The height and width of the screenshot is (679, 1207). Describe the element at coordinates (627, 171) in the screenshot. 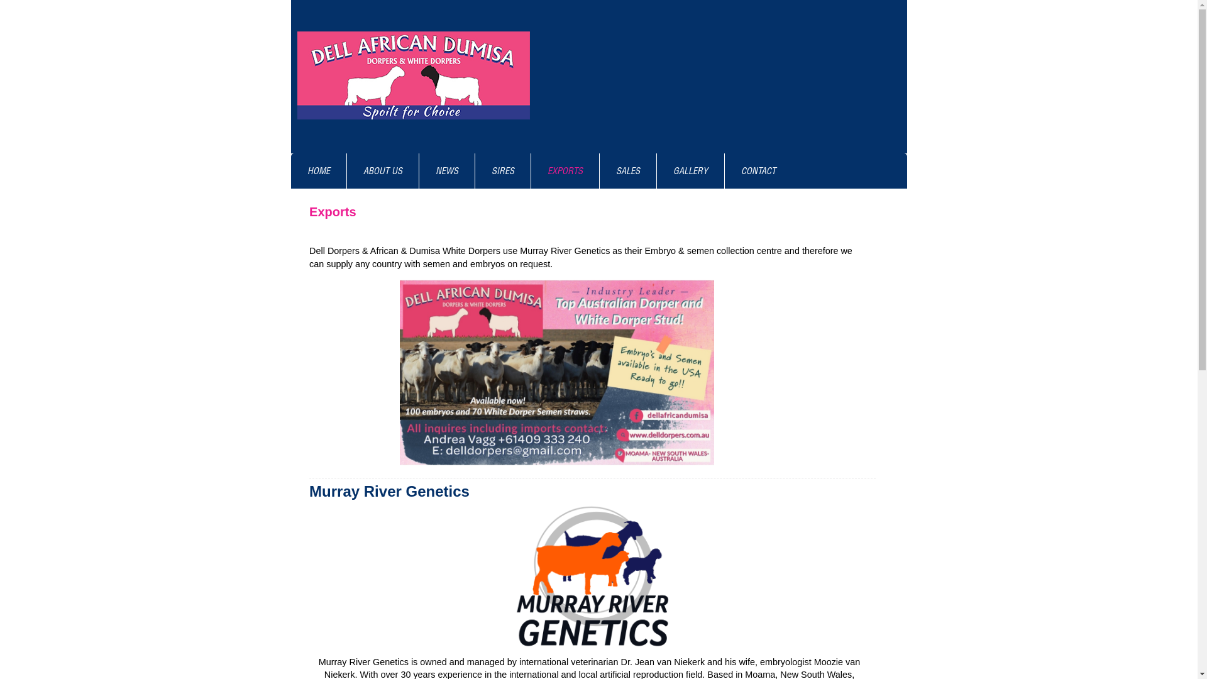

I see `'SALES'` at that location.